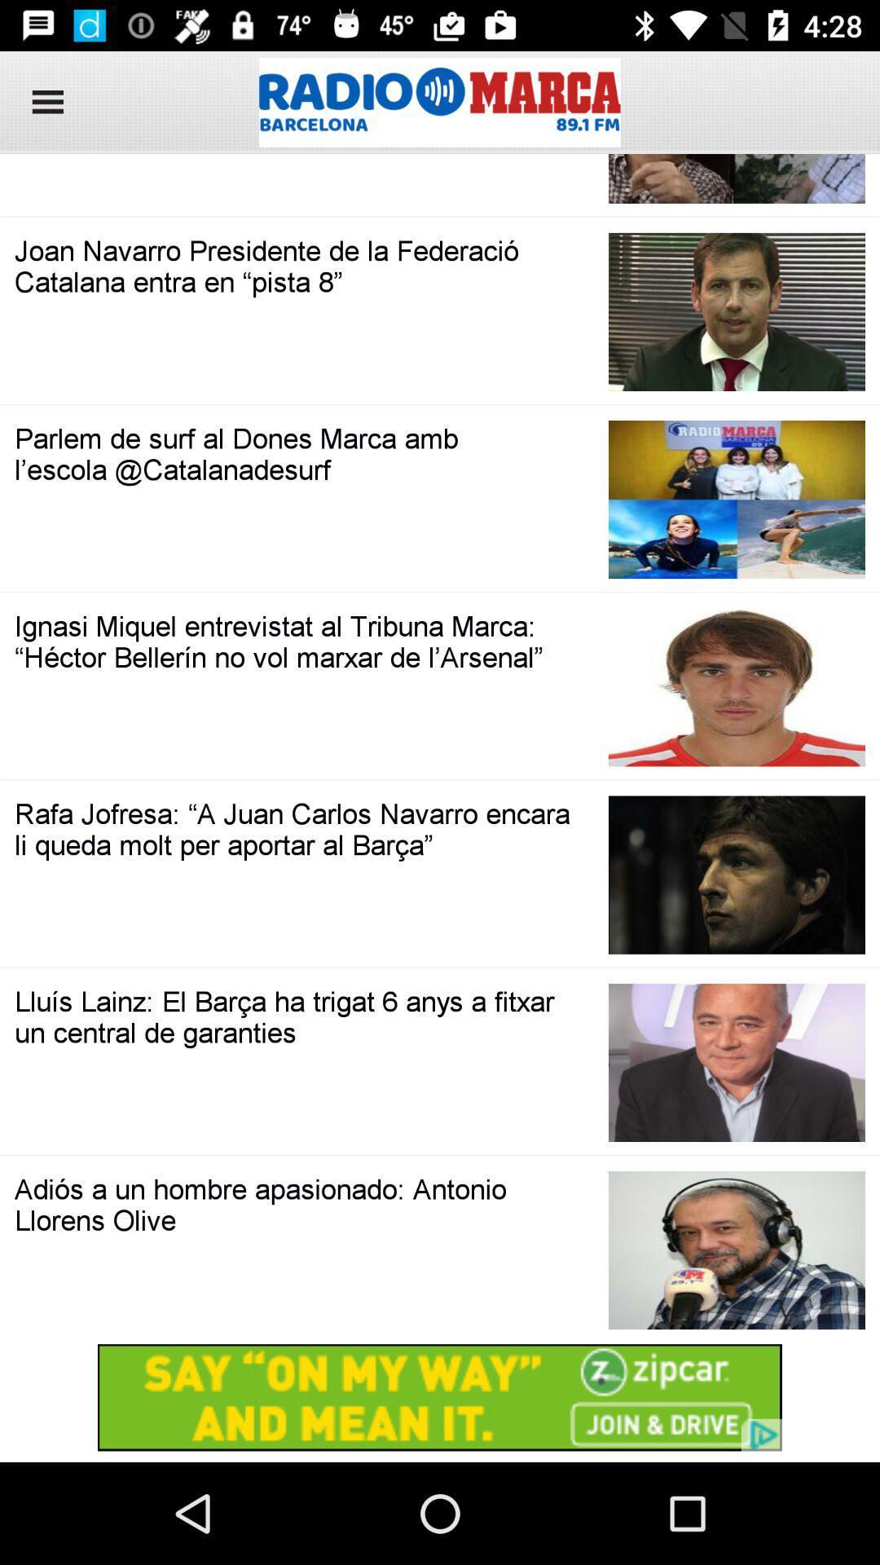 This screenshot has width=880, height=1565. I want to click on icon at the top left corner, so click(42, 101).